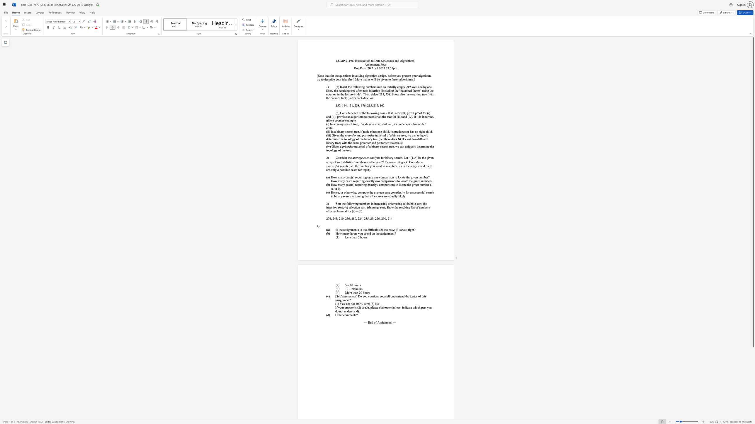 This screenshot has width=755, height=424. I want to click on the subset text "sfu" within the text "successful", so click(334, 166).